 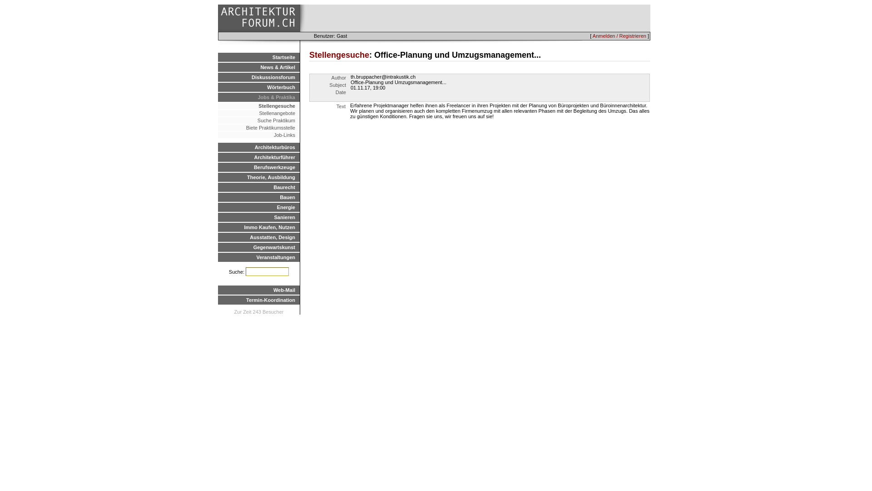 I want to click on 'Veranstaltungen', so click(x=218, y=257).